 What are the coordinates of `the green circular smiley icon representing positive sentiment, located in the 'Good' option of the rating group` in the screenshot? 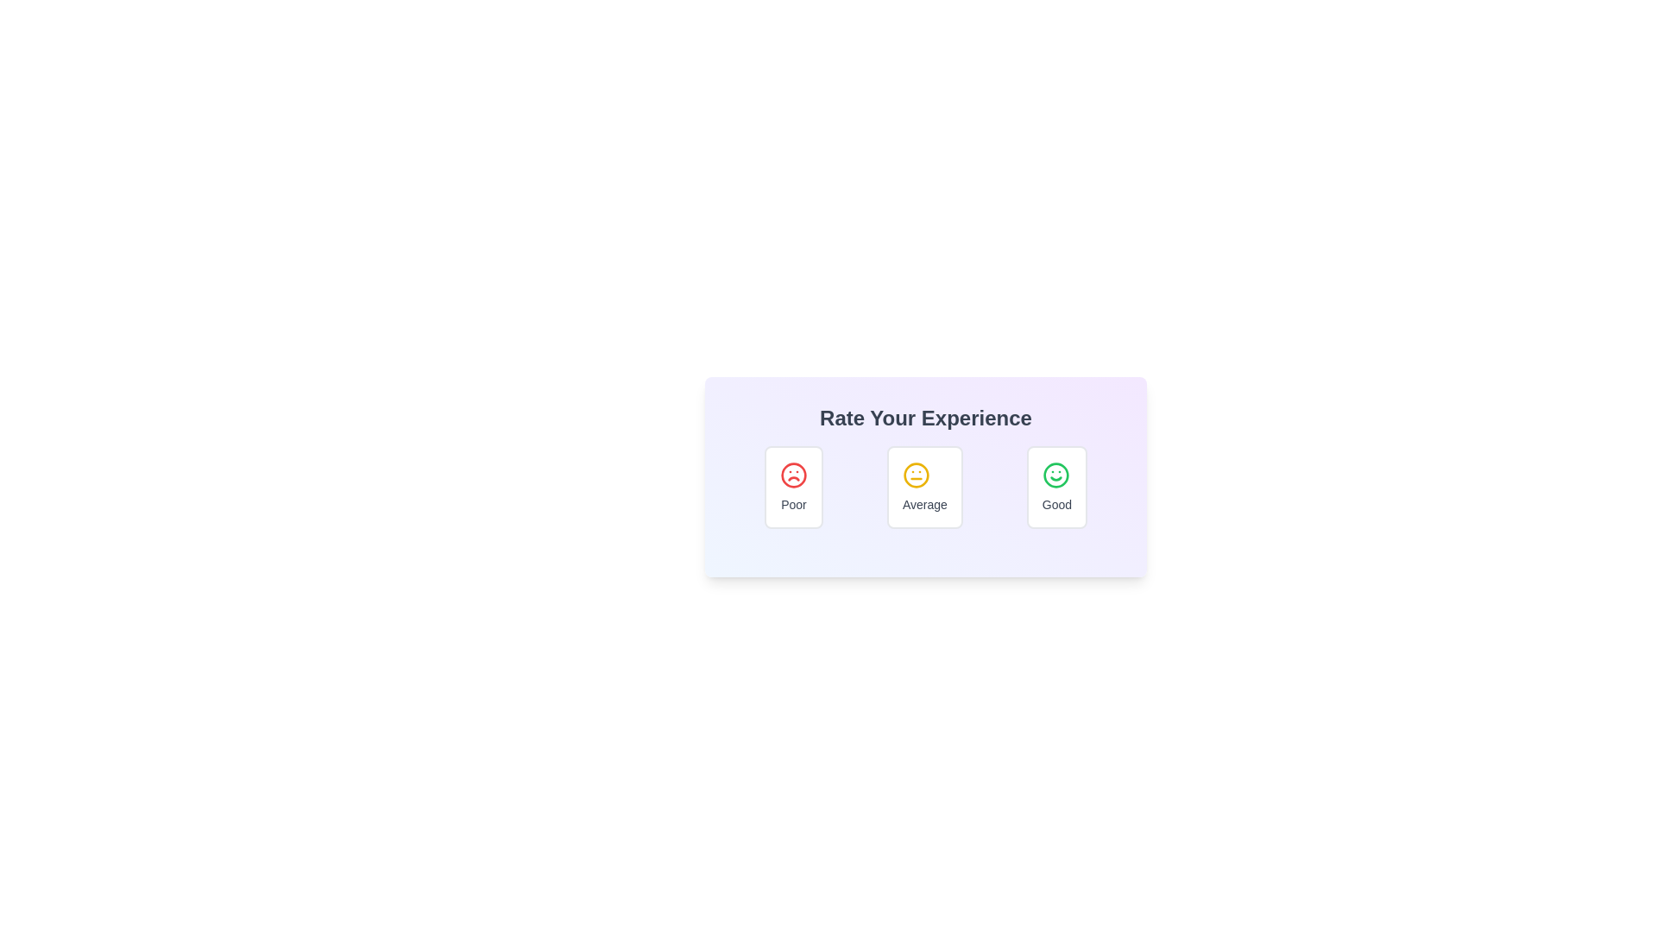 It's located at (1055, 475).